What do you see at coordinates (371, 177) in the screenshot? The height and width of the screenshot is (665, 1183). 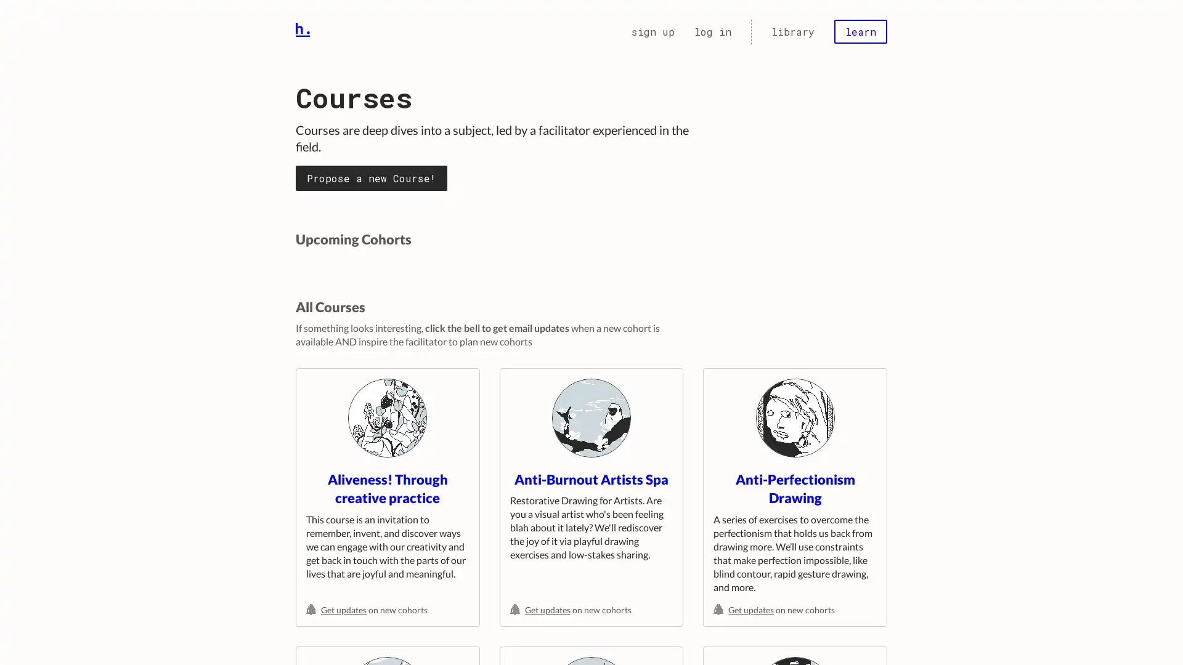 I see `Propose a new Course!` at bounding box center [371, 177].